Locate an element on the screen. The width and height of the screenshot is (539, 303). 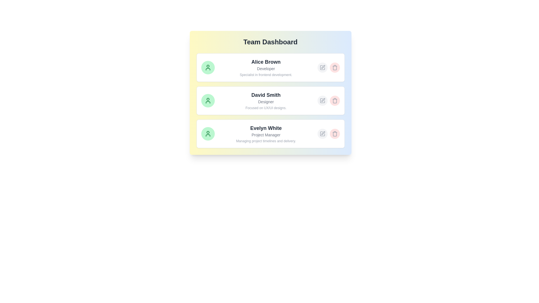
the delete button (trash can icon) located in the first row of the vertically arranged list of cards, adjacent to the details of 'Alice Brown' is located at coordinates (335, 67).